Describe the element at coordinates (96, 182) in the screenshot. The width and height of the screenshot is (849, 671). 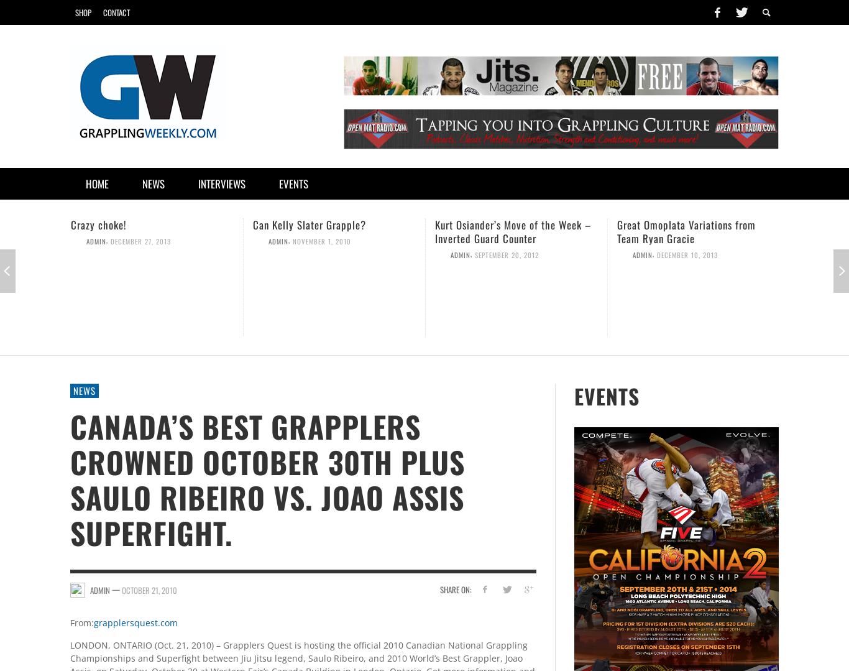
I see `'Home'` at that location.